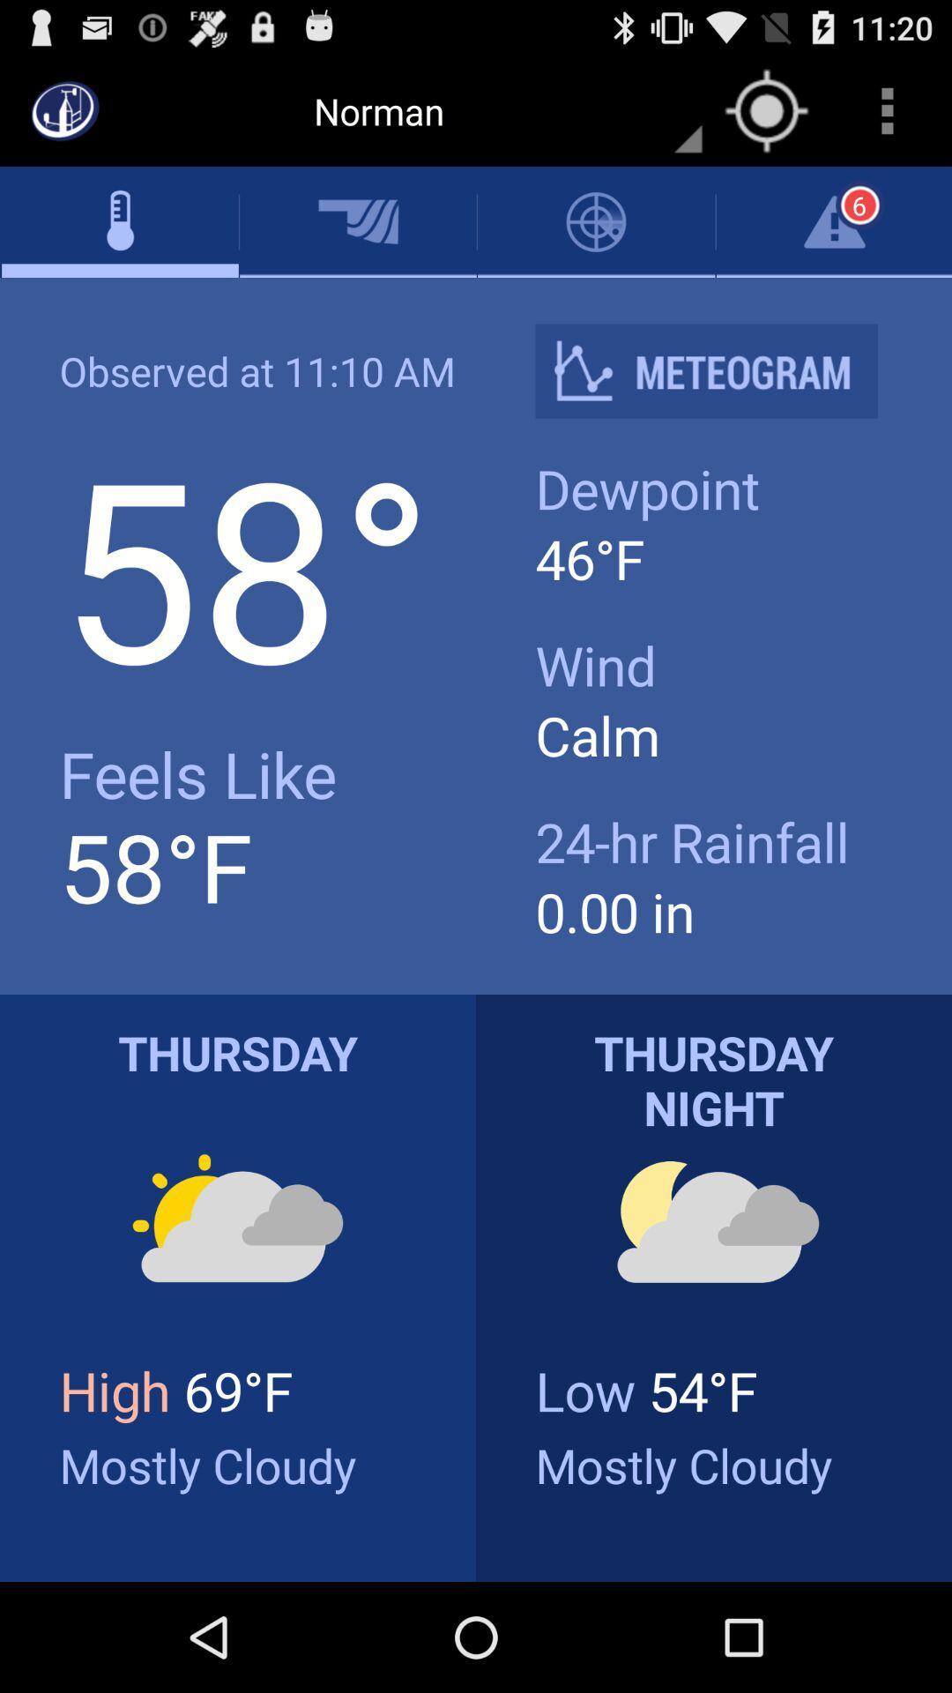  What do you see at coordinates (720, 370) in the screenshot?
I see `share` at bounding box center [720, 370].